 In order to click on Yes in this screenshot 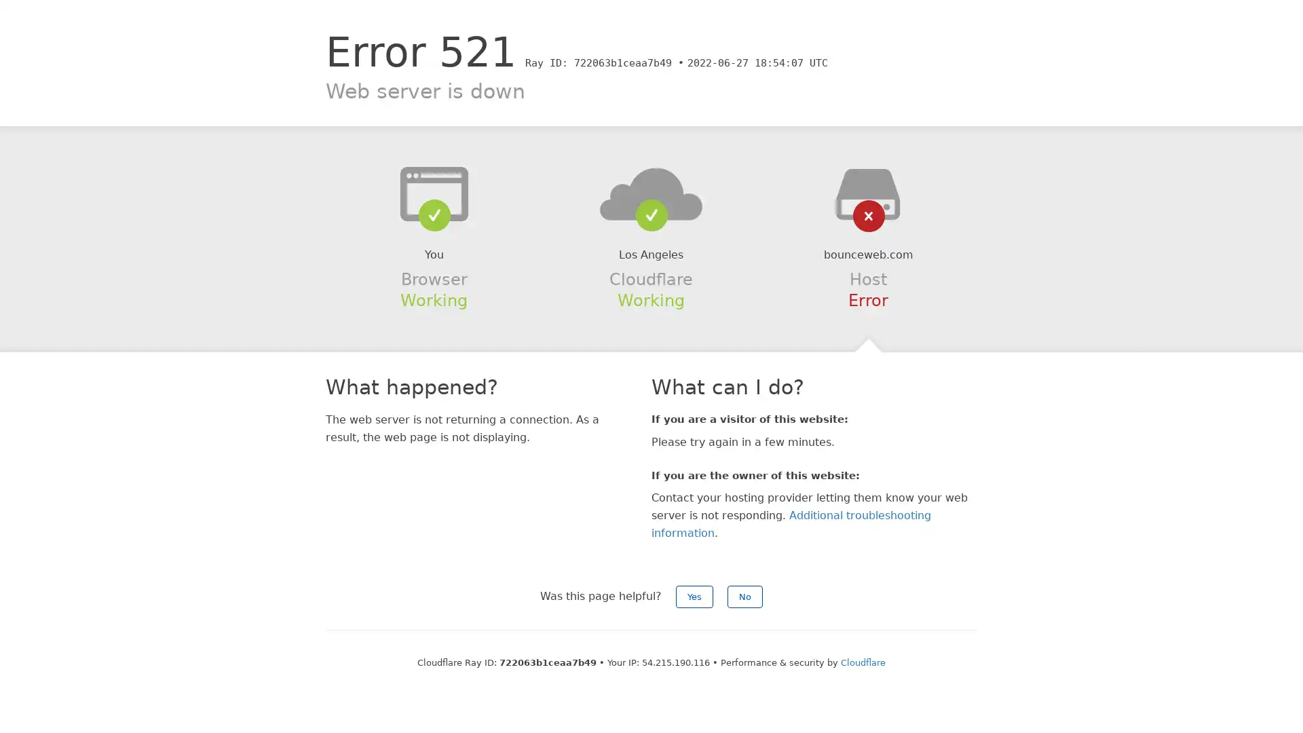, I will do `click(694, 596)`.